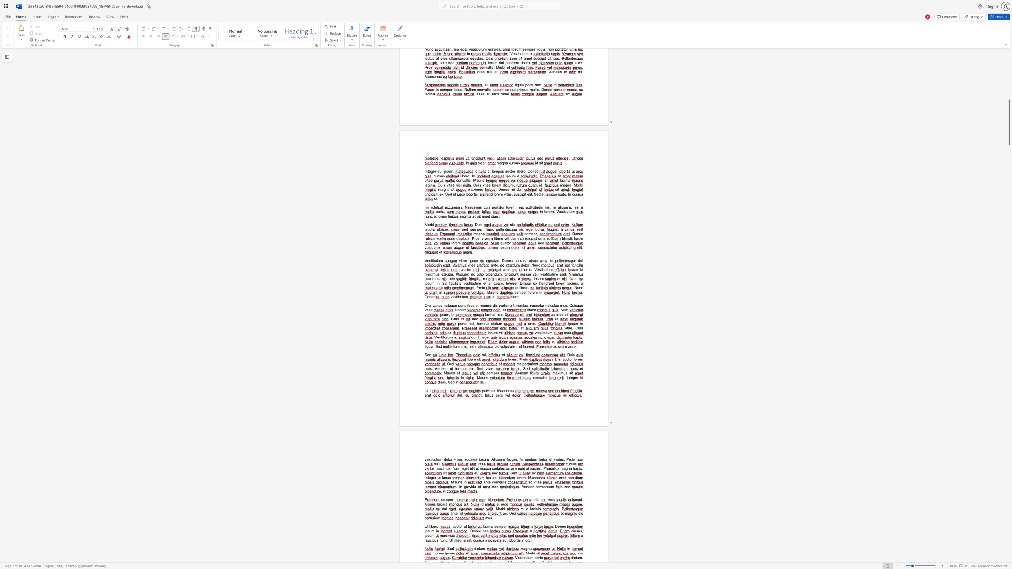  I want to click on the 2th character "a" in the text, so click(580, 328).